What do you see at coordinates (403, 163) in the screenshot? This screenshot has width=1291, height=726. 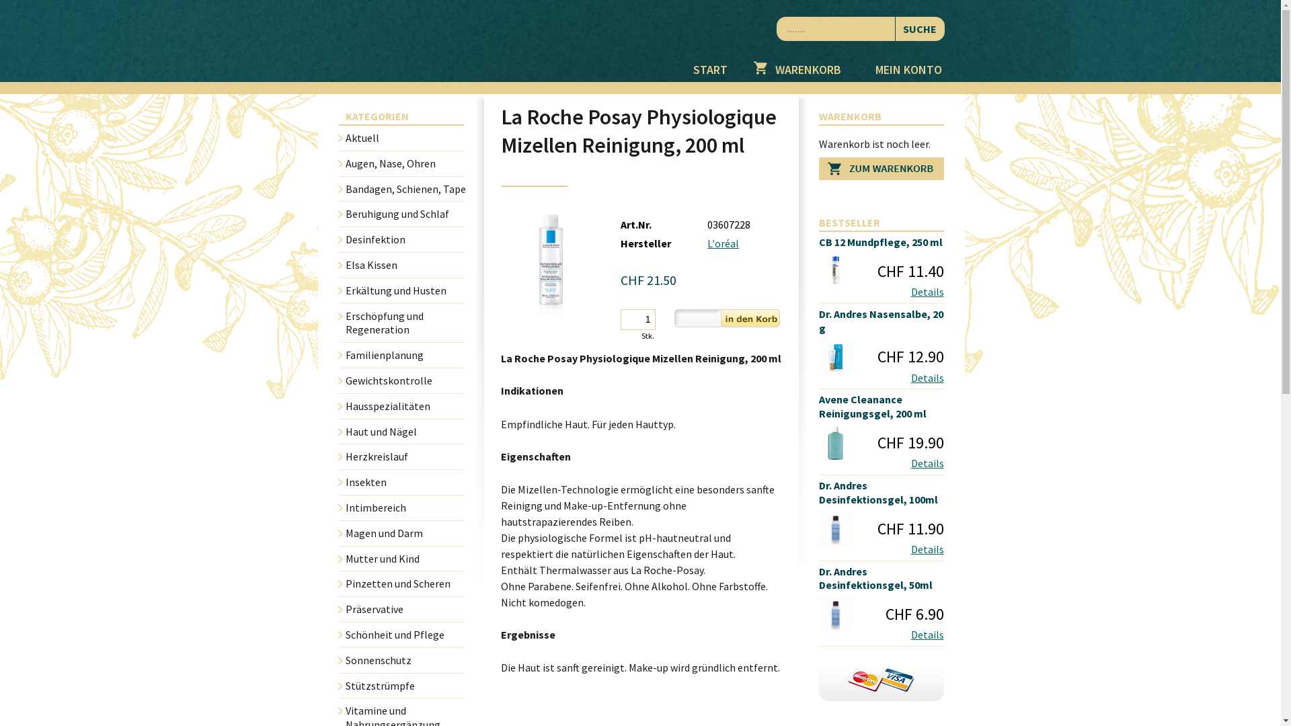 I see `'Augen, Nase, Ohren'` at bounding box center [403, 163].